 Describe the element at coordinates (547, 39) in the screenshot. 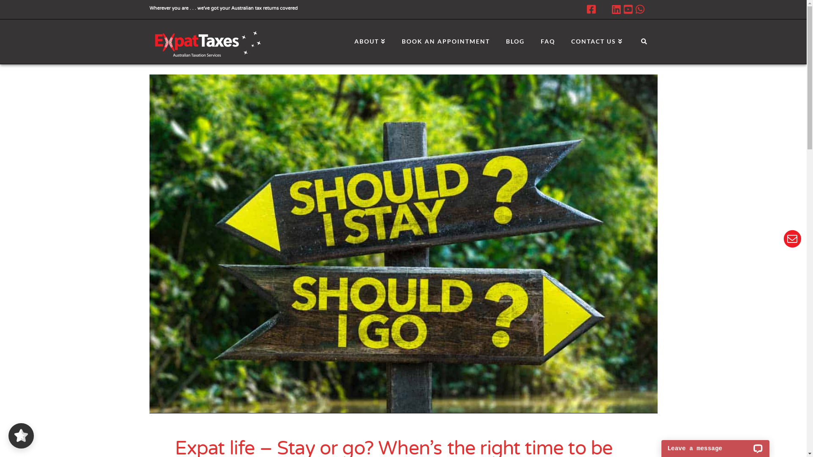

I see `'FAQ'` at that location.